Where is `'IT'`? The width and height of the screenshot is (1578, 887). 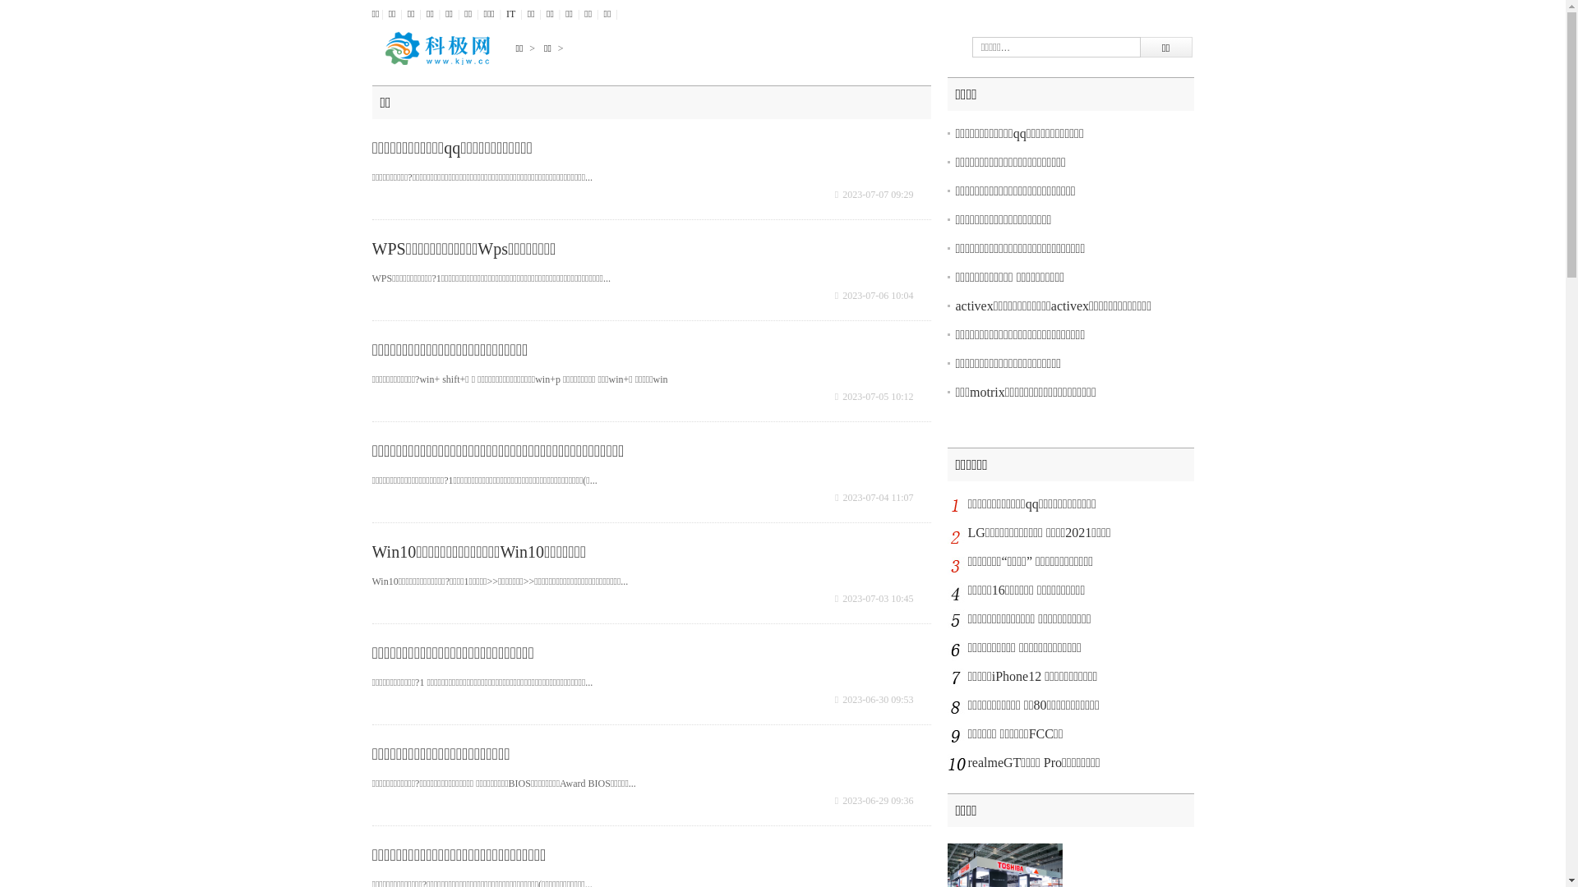 'IT' is located at coordinates (503, 13).